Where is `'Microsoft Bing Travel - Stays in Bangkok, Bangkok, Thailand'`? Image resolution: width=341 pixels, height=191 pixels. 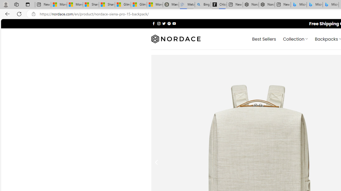
'Microsoft Bing Travel - Stays in Bangkok, Bangkok, Thailand' is located at coordinates (315, 5).